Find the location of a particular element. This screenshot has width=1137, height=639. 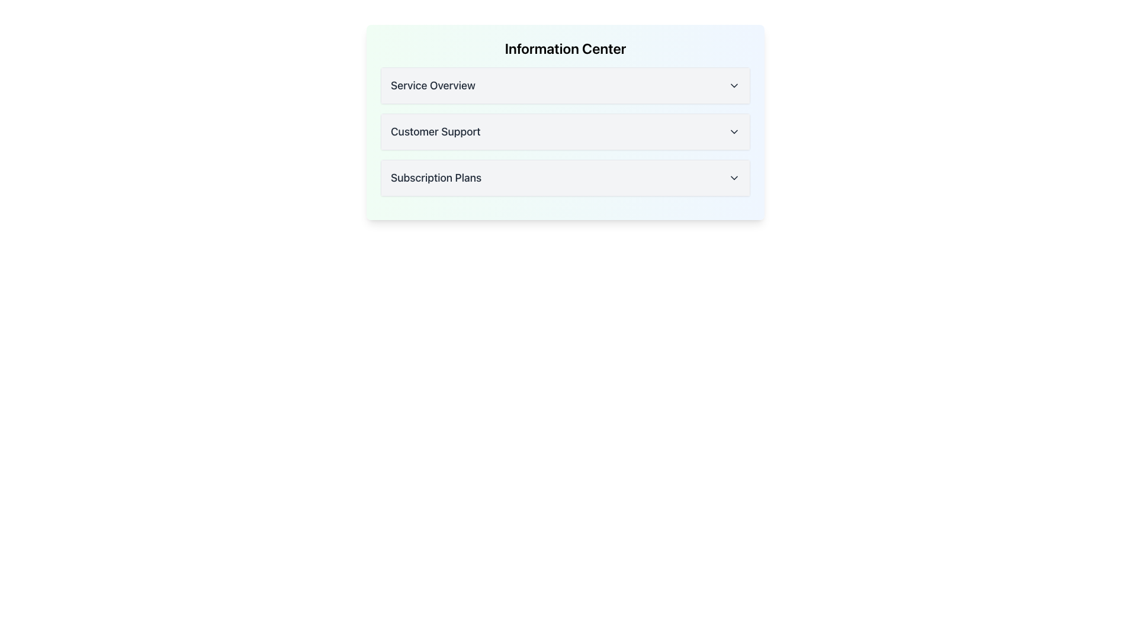

the 'Customer Support' button located under the 'Information Center' title, which is the second option in a vertical list of three items is located at coordinates (565, 132).